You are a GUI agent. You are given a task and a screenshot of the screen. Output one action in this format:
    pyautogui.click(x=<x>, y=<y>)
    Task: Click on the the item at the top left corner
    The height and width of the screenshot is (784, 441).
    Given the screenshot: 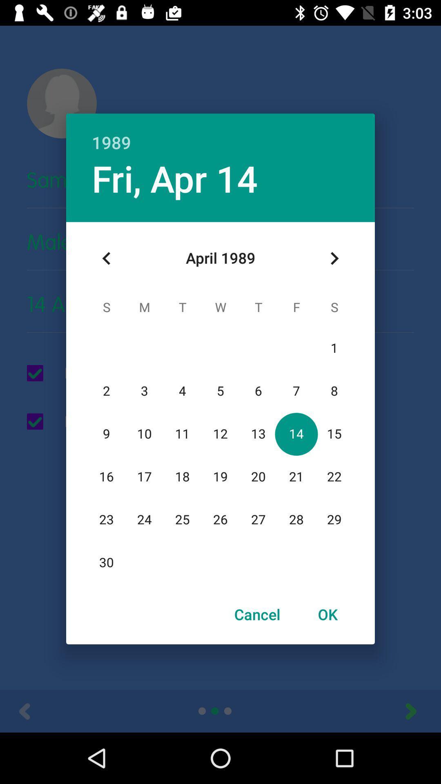 What is the action you would take?
    pyautogui.click(x=106, y=258)
    